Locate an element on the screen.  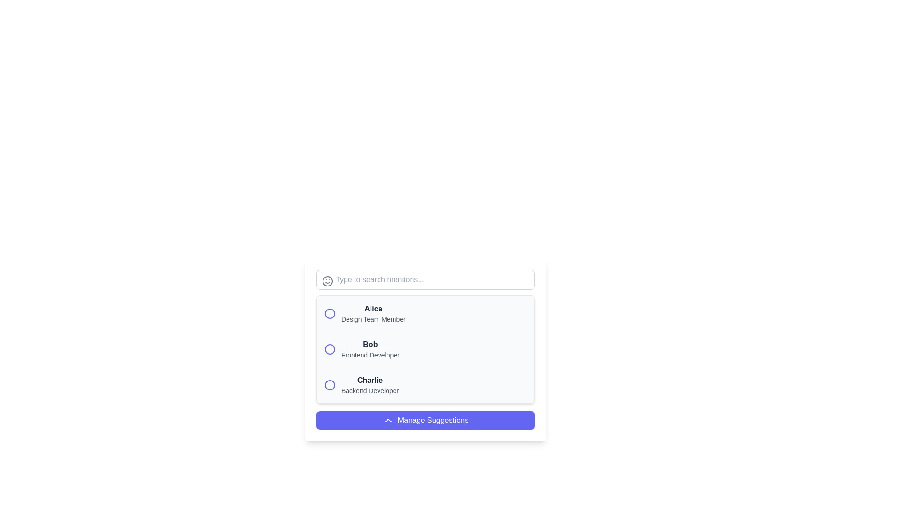
text 'Charlie' from the text label which is the third entry in the dropdown list, styled in bold and dark font, above the subtitle 'Backend Developer' is located at coordinates (370, 380).